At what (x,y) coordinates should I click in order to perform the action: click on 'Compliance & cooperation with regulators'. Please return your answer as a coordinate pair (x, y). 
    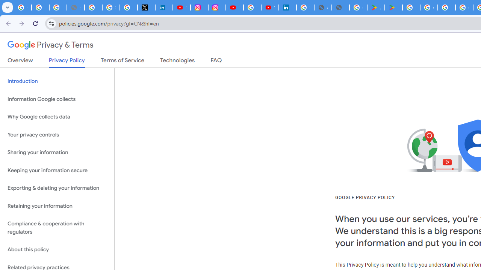
    Looking at the image, I should click on (57, 228).